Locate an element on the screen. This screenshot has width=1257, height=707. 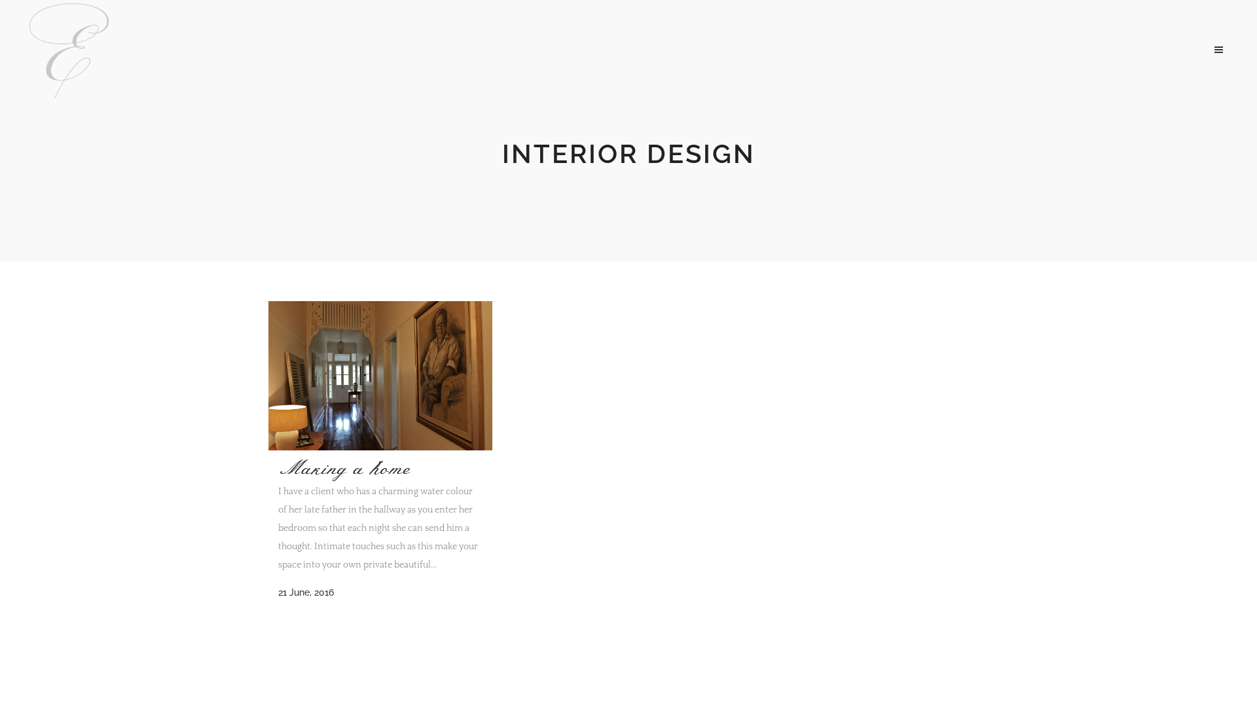
'Making a home' is located at coordinates (344, 468).